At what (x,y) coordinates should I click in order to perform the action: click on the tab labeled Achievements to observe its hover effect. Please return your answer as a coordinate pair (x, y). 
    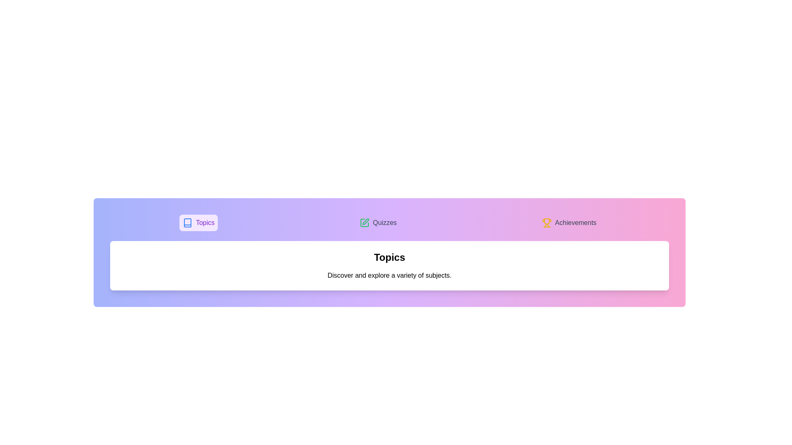
    Looking at the image, I should click on (568, 222).